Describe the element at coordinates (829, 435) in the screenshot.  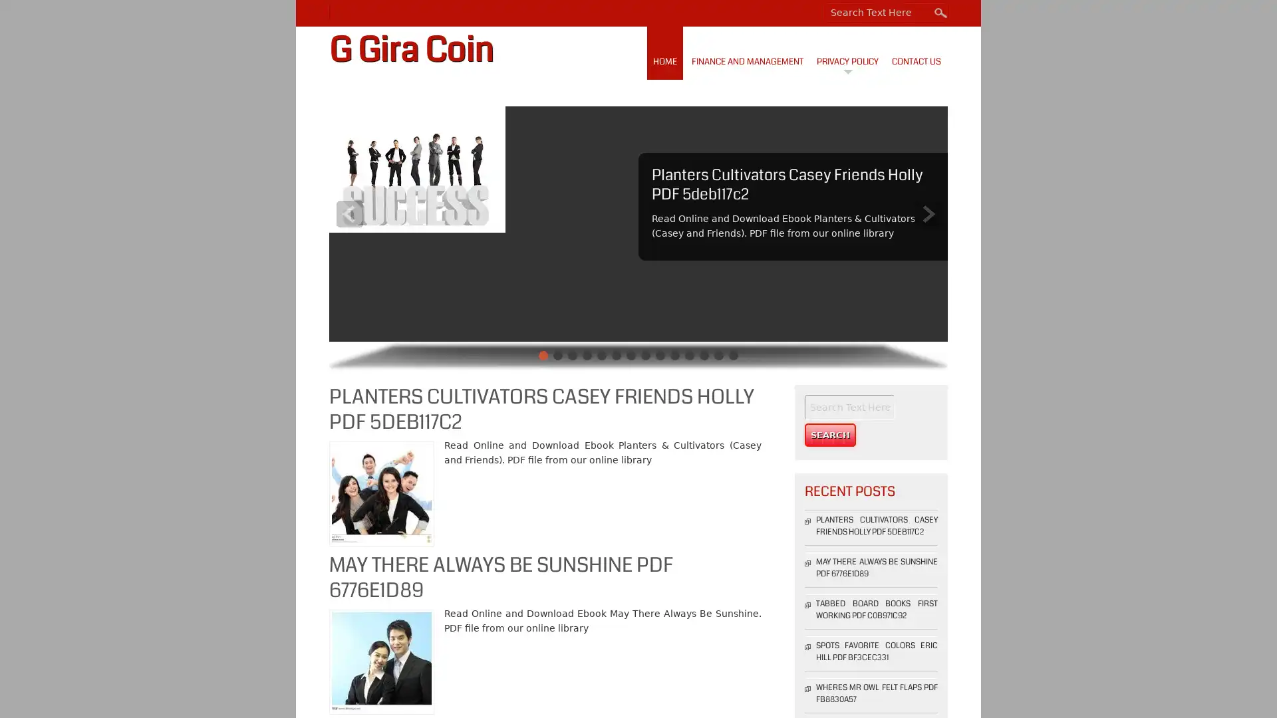
I see `Search` at that location.